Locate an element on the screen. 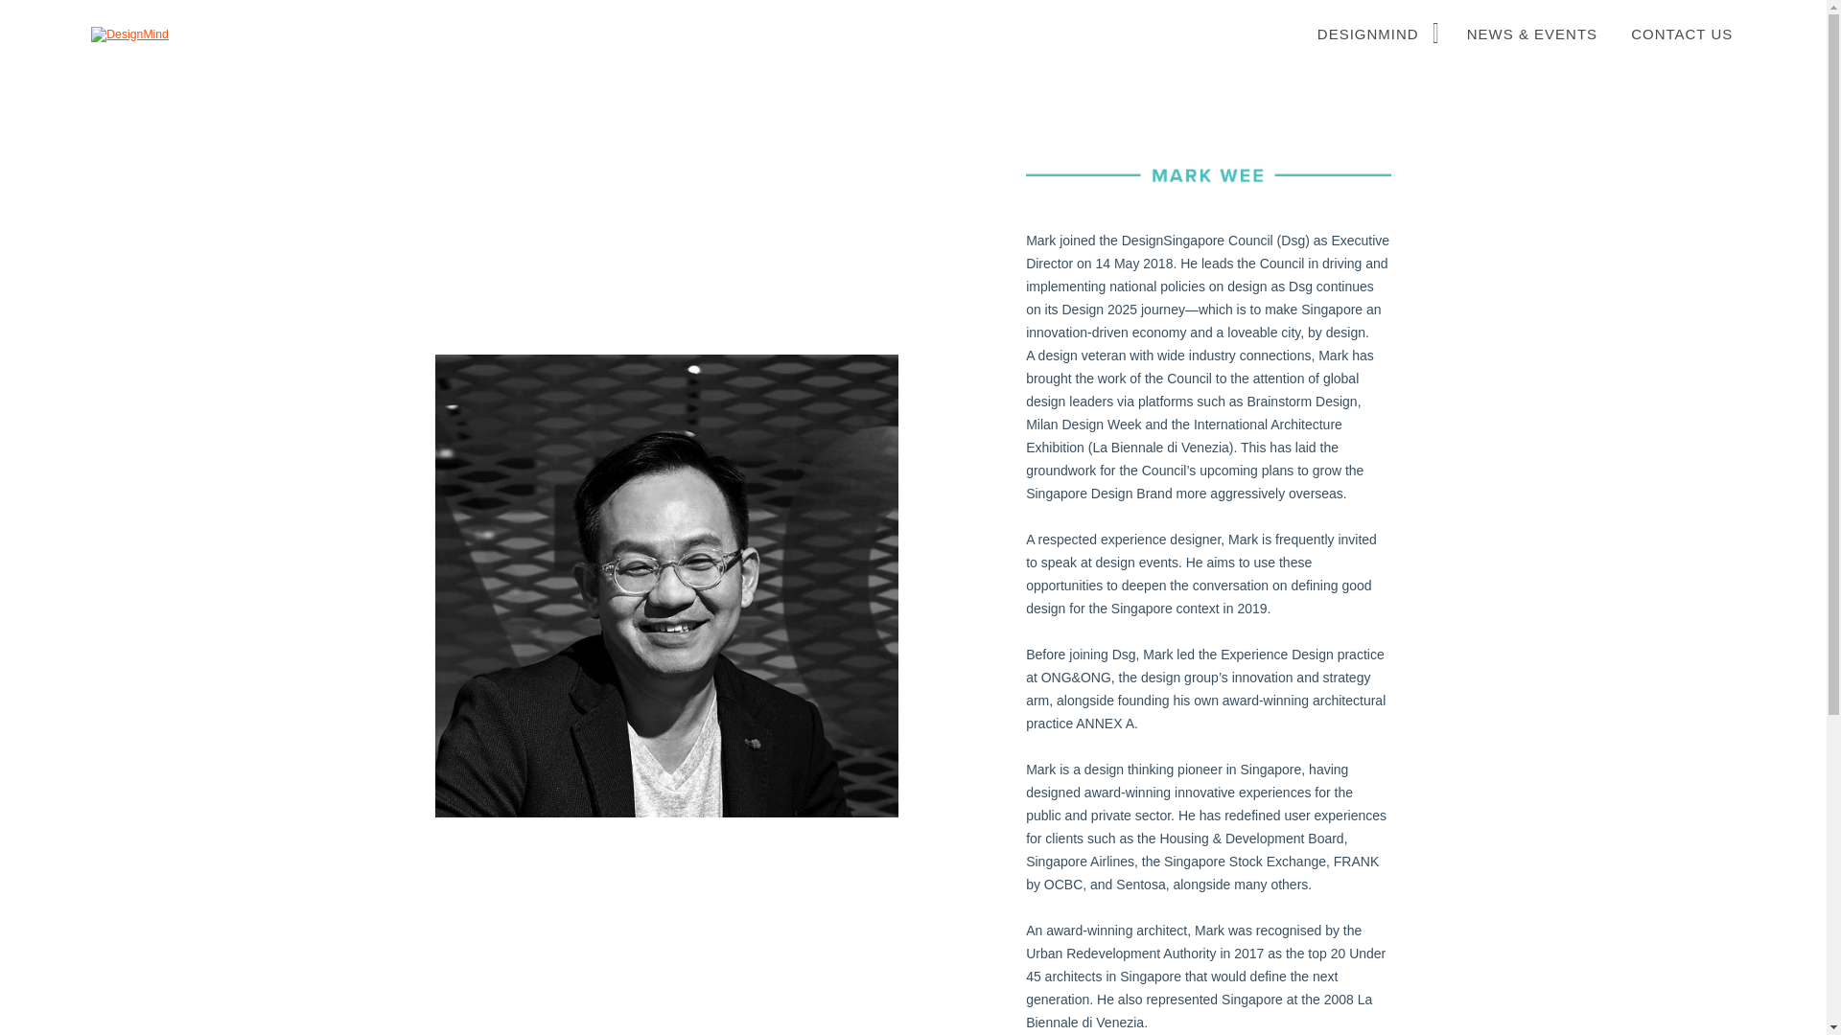 This screenshot has height=1035, width=1841. 'DESIGNMIND' is located at coordinates (1303, 34).